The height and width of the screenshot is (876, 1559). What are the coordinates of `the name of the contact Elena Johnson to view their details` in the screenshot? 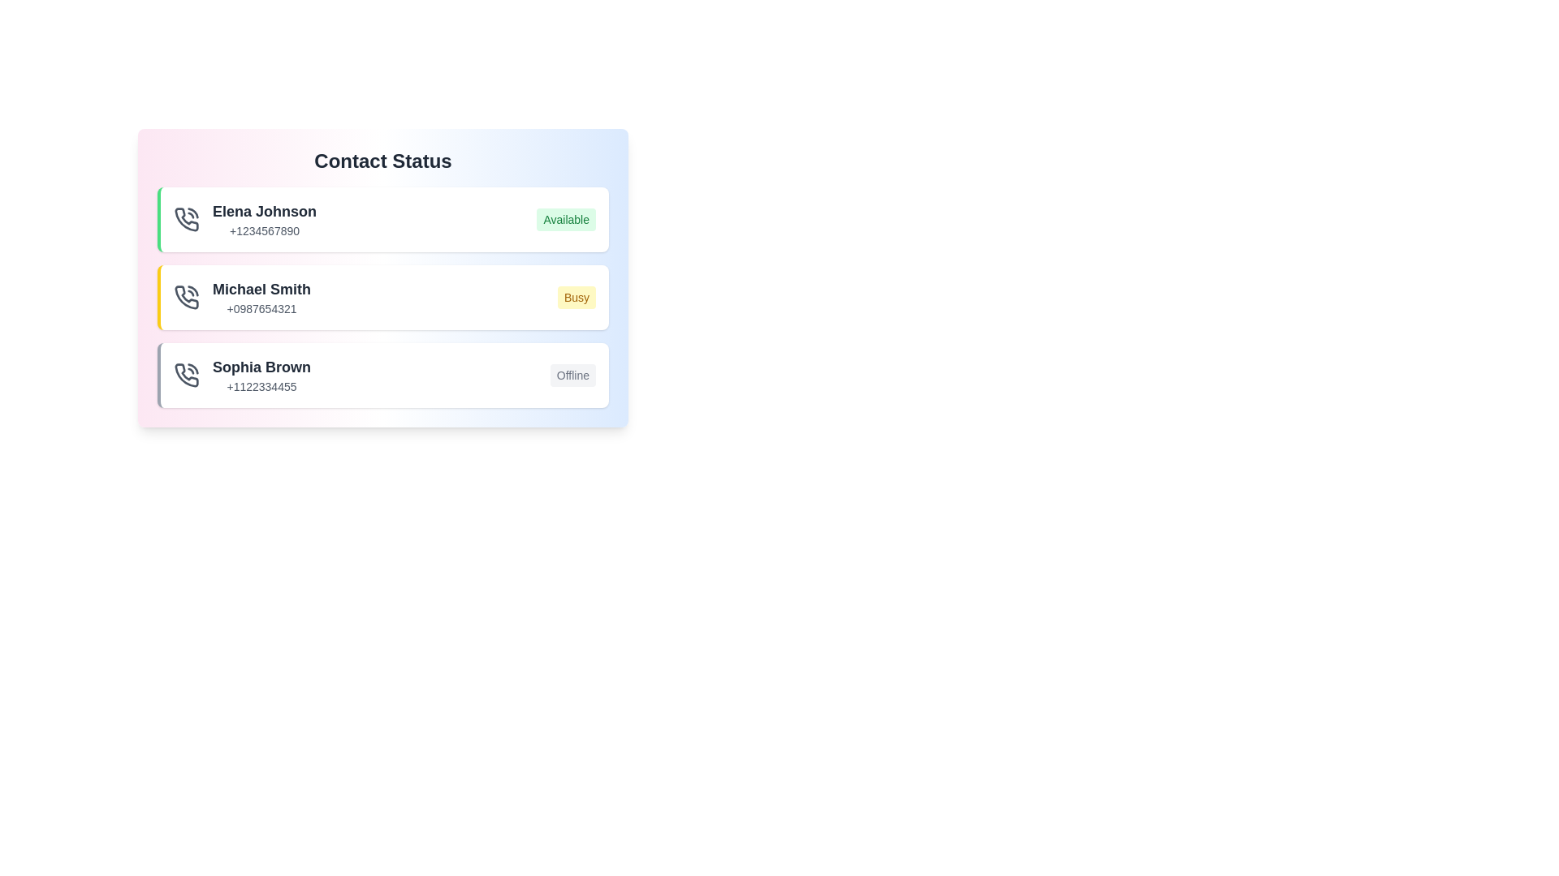 It's located at (265, 211).